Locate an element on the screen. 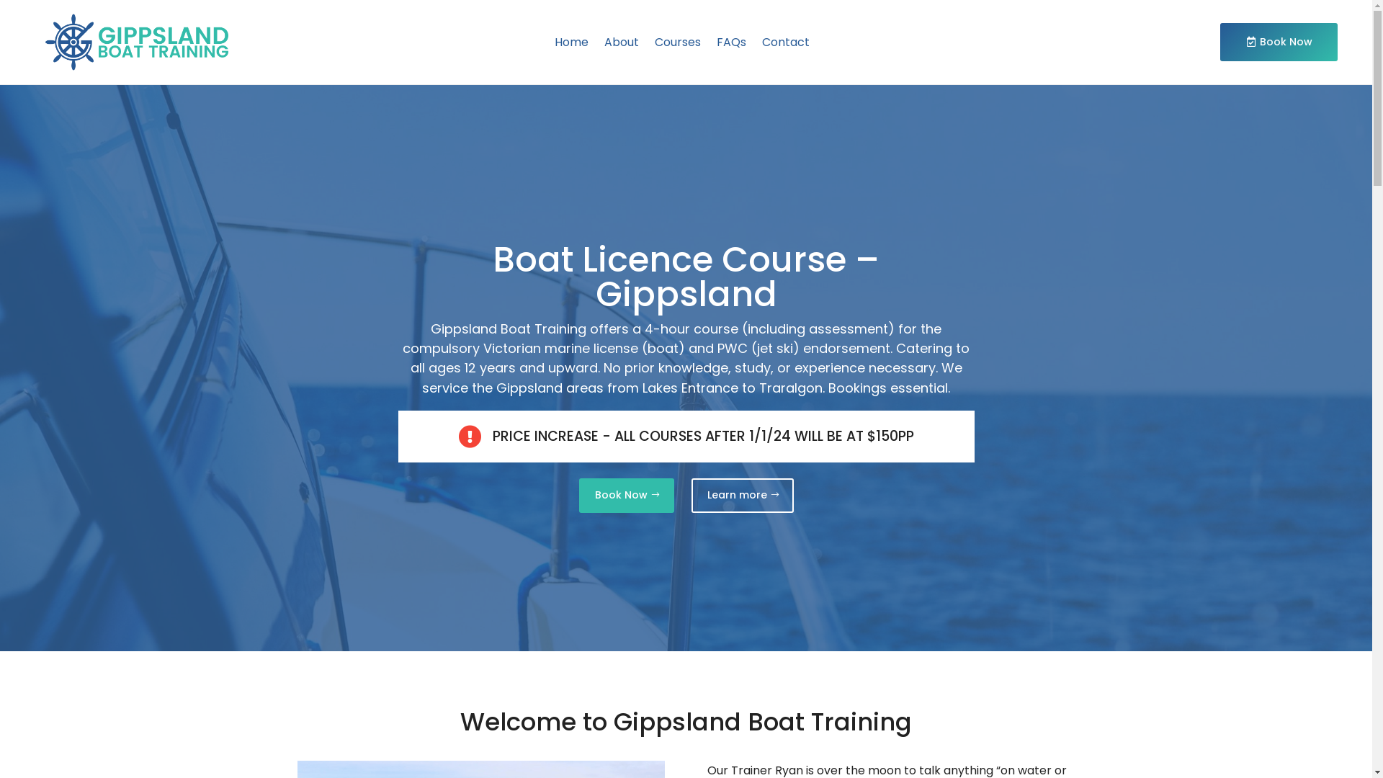  'About' is located at coordinates (622, 41).